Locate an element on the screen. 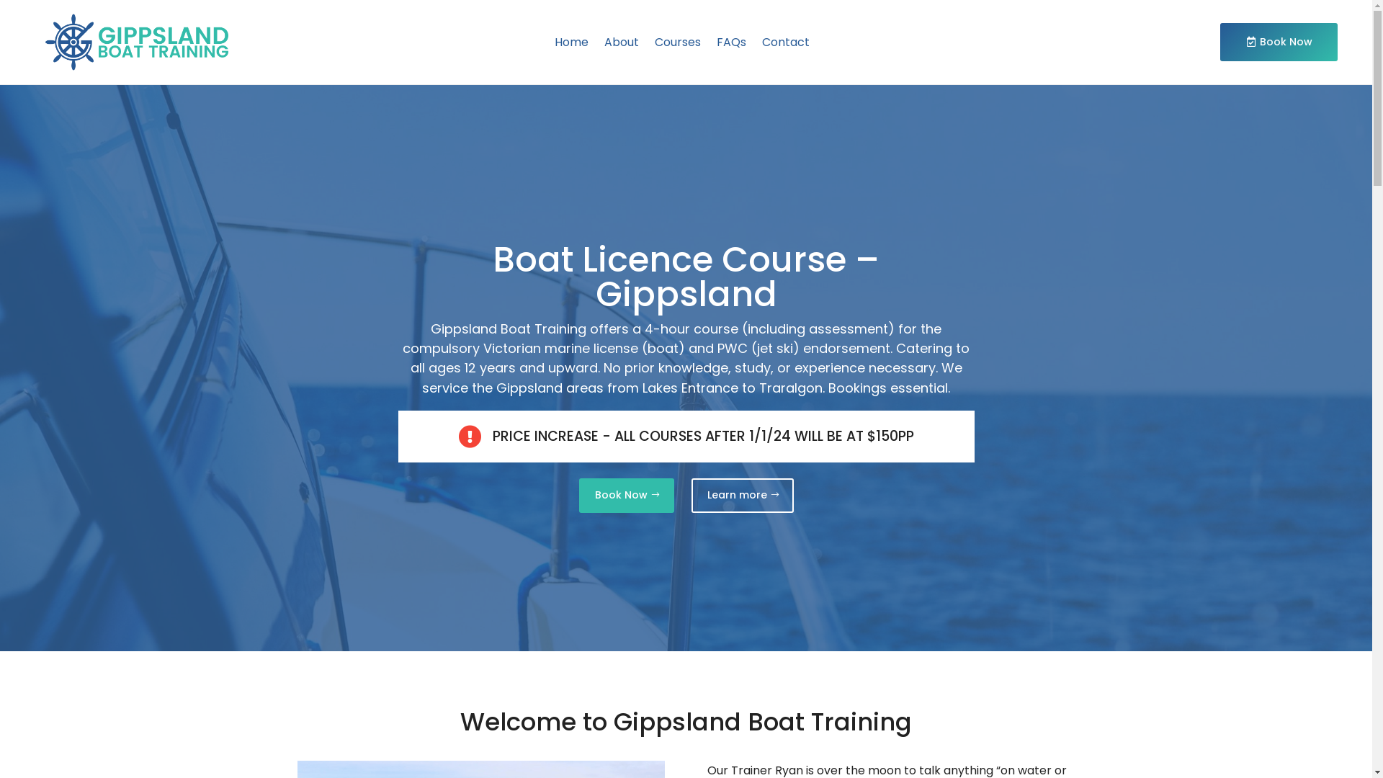  'About' is located at coordinates (622, 41).